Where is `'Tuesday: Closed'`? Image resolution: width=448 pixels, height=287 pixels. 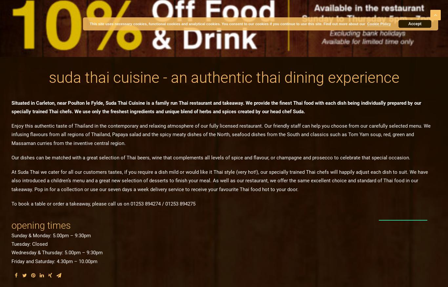 'Tuesday: Closed' is located at coordinates (30, 244).